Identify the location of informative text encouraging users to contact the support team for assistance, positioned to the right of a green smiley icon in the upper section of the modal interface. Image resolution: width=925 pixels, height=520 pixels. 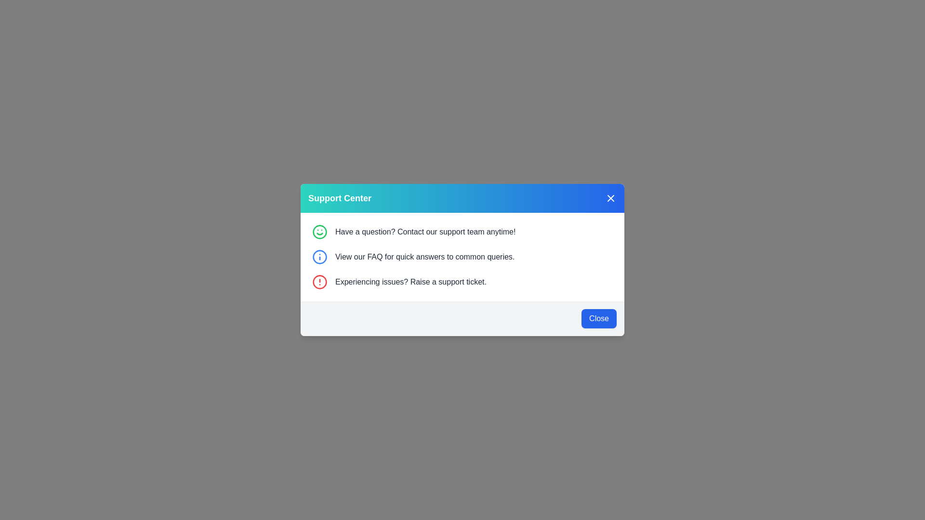
(425, 232).